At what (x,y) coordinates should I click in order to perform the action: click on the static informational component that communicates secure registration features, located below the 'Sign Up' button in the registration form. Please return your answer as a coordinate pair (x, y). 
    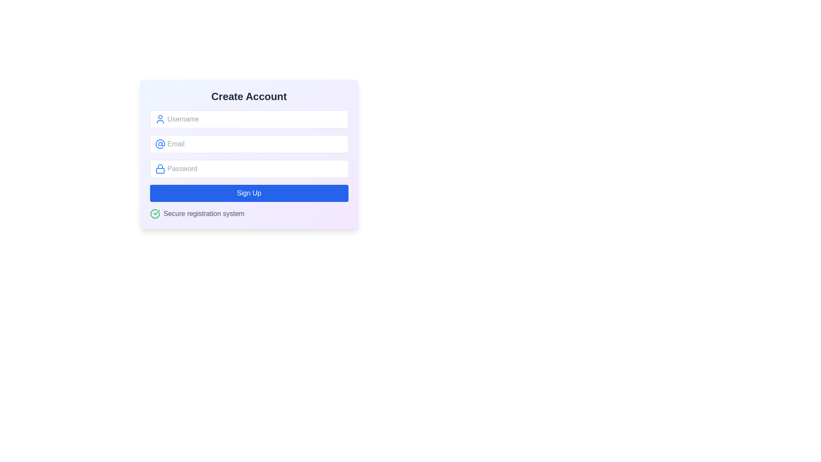
    Looking at the image, I should click on (248, 213).